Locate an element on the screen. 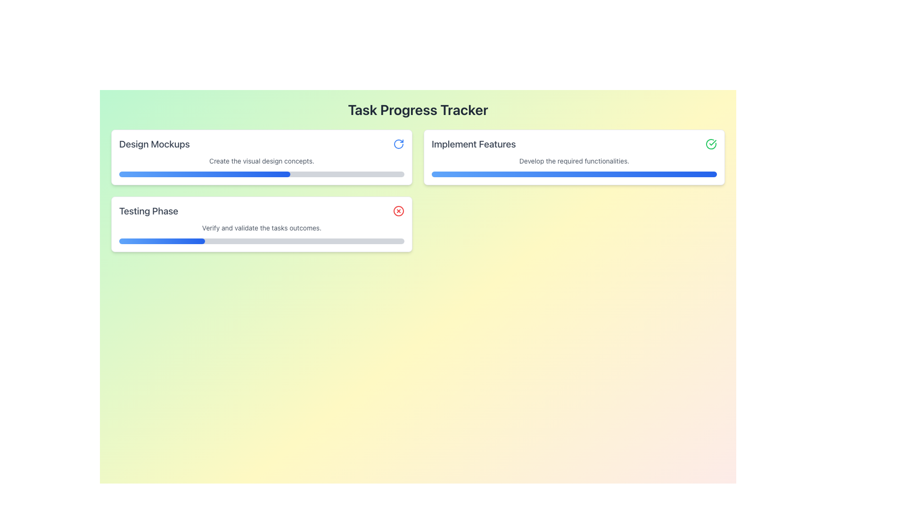  the blue gradient progress bar located at the bottom of the 'Testing Phase' task card is located at coordinates (162, 241).